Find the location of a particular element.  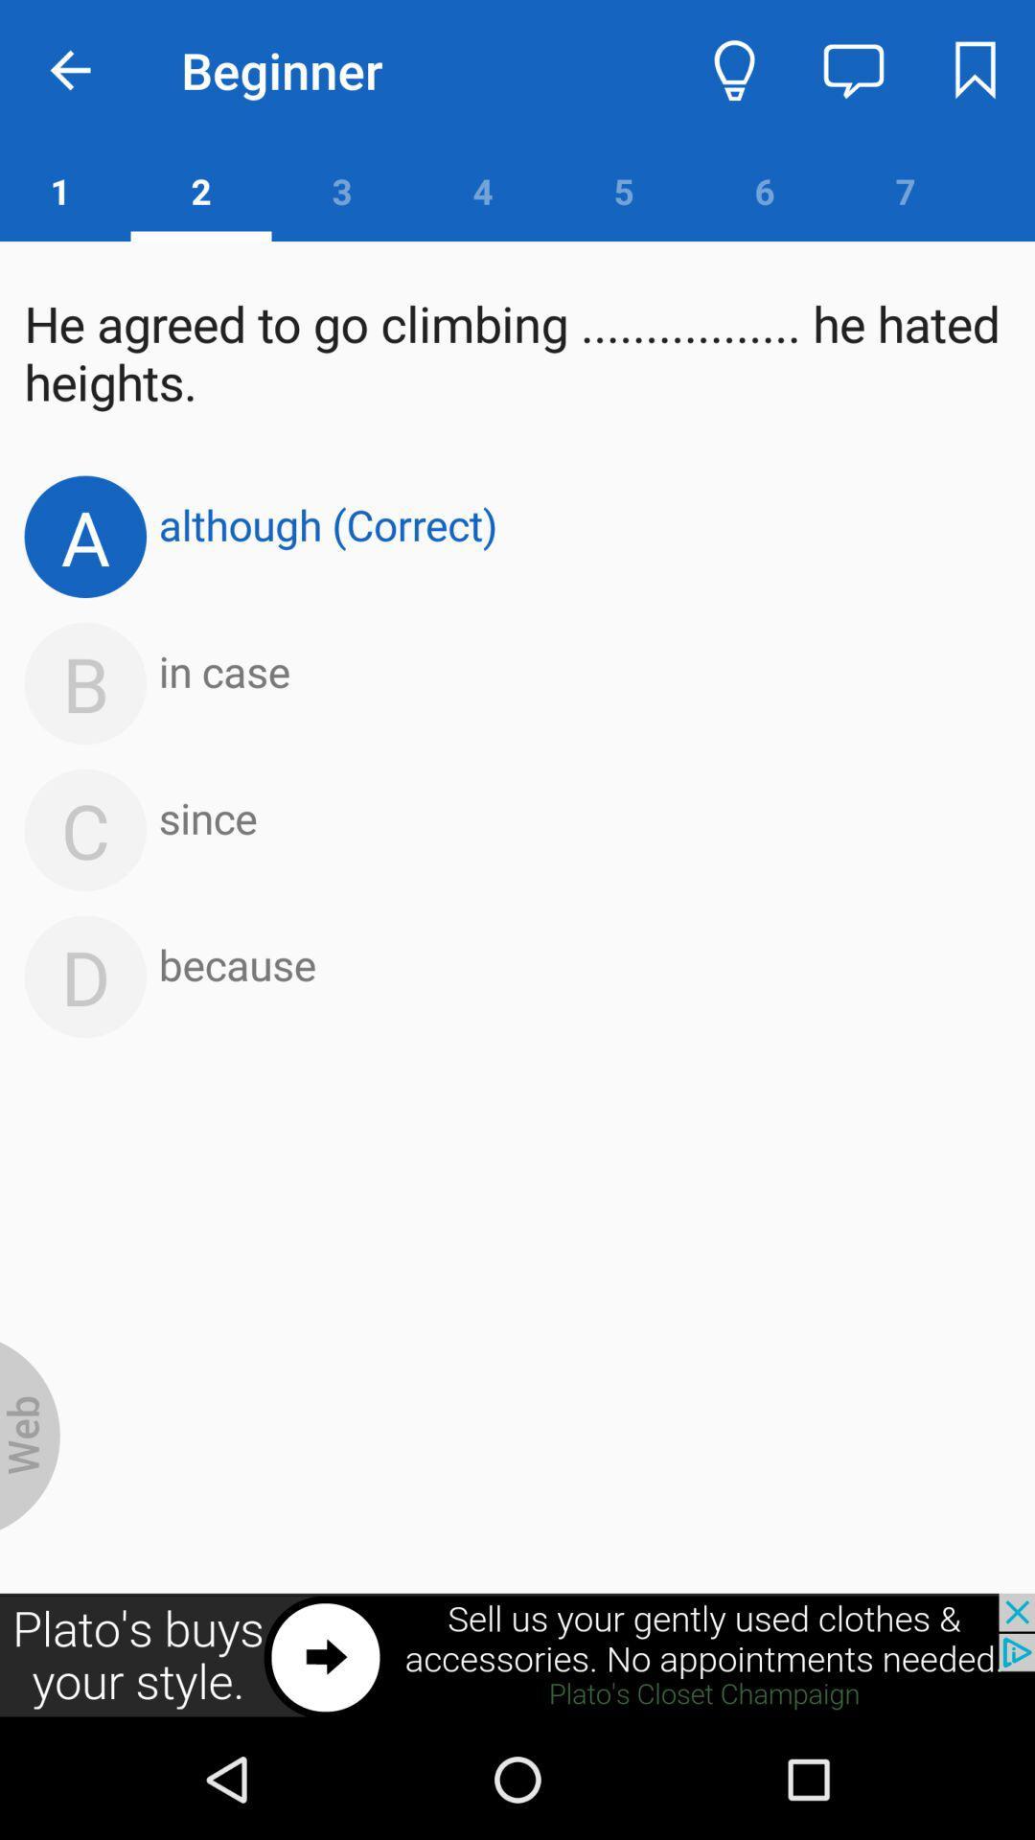

the number 5 which is beside 4 is located at coordinates (624, 191).